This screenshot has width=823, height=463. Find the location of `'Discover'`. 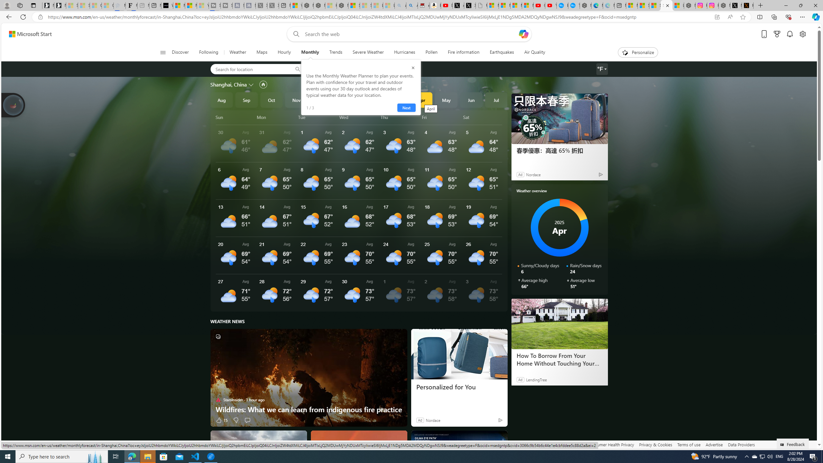

'Discover' is located at coordinates (183, 52).